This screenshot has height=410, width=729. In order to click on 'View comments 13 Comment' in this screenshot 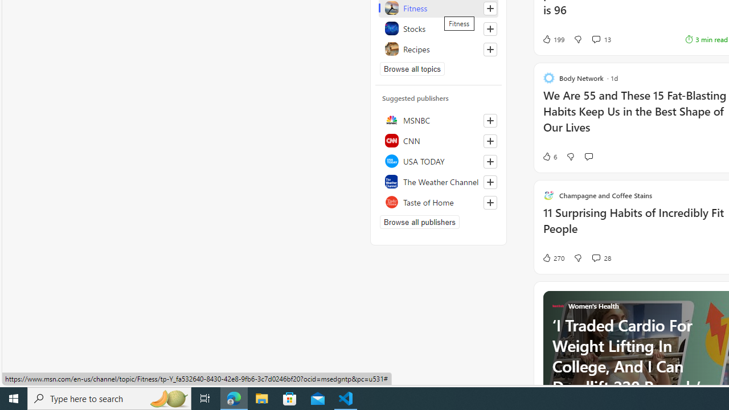, I will do `click(595, 39)`.